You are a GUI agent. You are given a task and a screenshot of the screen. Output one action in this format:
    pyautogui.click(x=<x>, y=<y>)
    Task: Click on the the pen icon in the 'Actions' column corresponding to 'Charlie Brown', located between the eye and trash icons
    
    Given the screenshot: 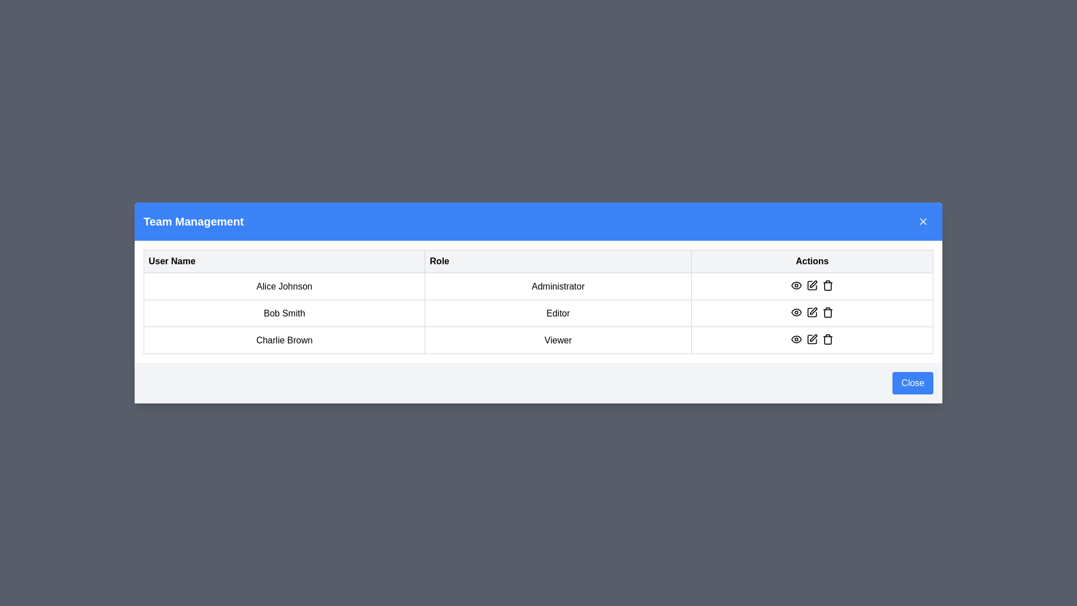 What is the action you would take?
    pyautogui.click(x=812, y=339)
    